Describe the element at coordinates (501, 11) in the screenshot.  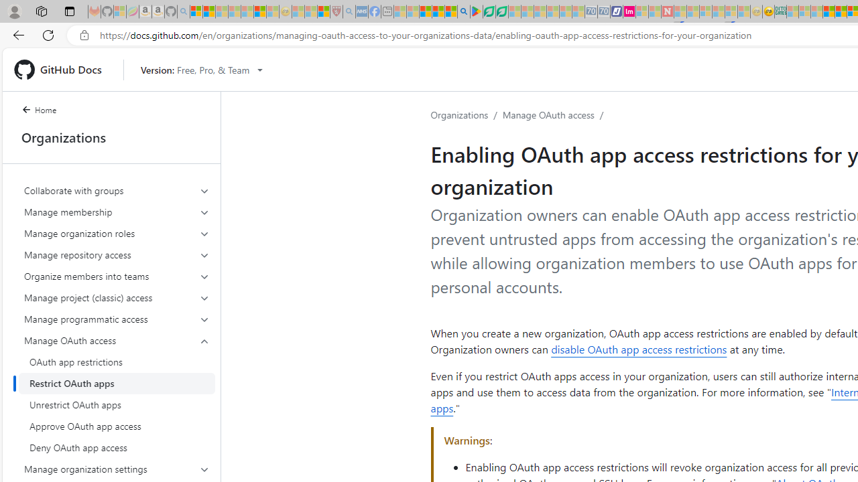
I see `'Microsoft Word - consumer-privacy address update 2.2021'` at that location.